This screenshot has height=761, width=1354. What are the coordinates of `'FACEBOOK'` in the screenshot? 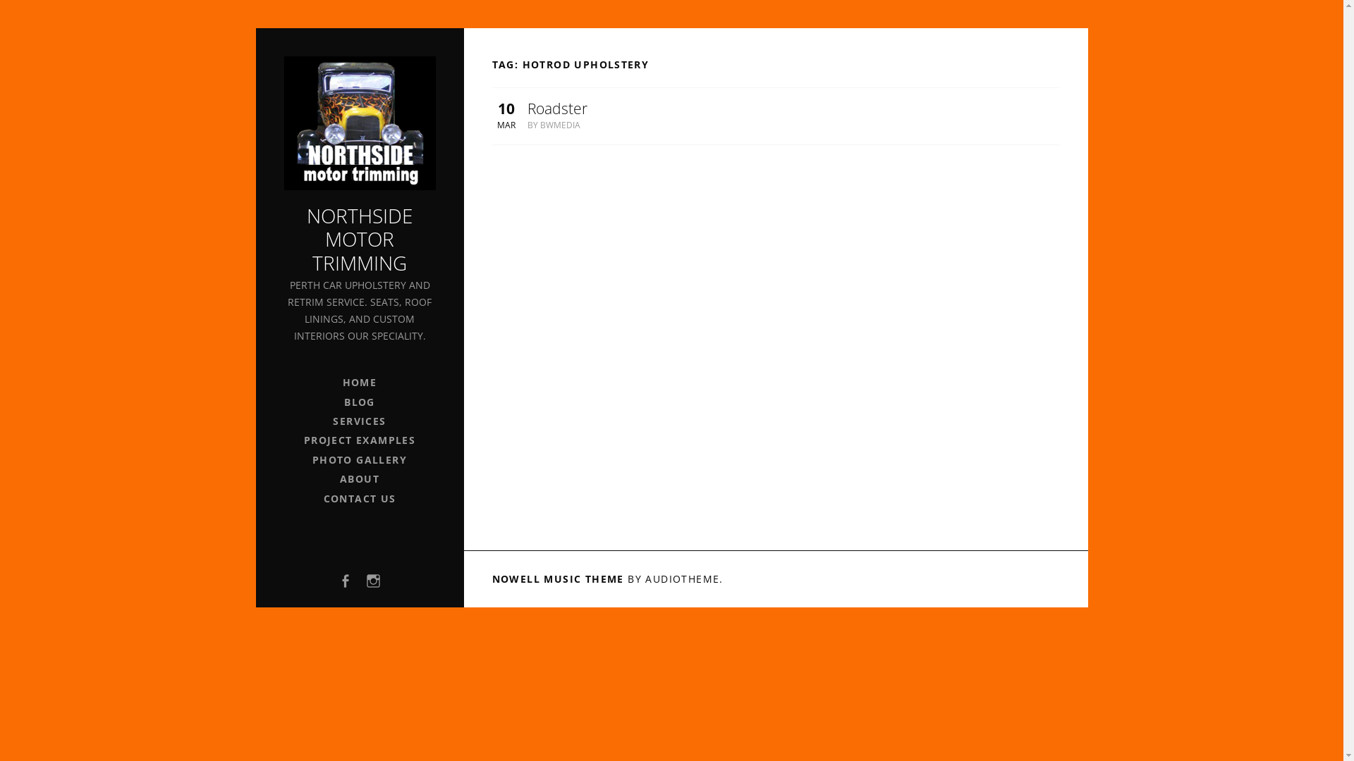 It's located at (345, 581).